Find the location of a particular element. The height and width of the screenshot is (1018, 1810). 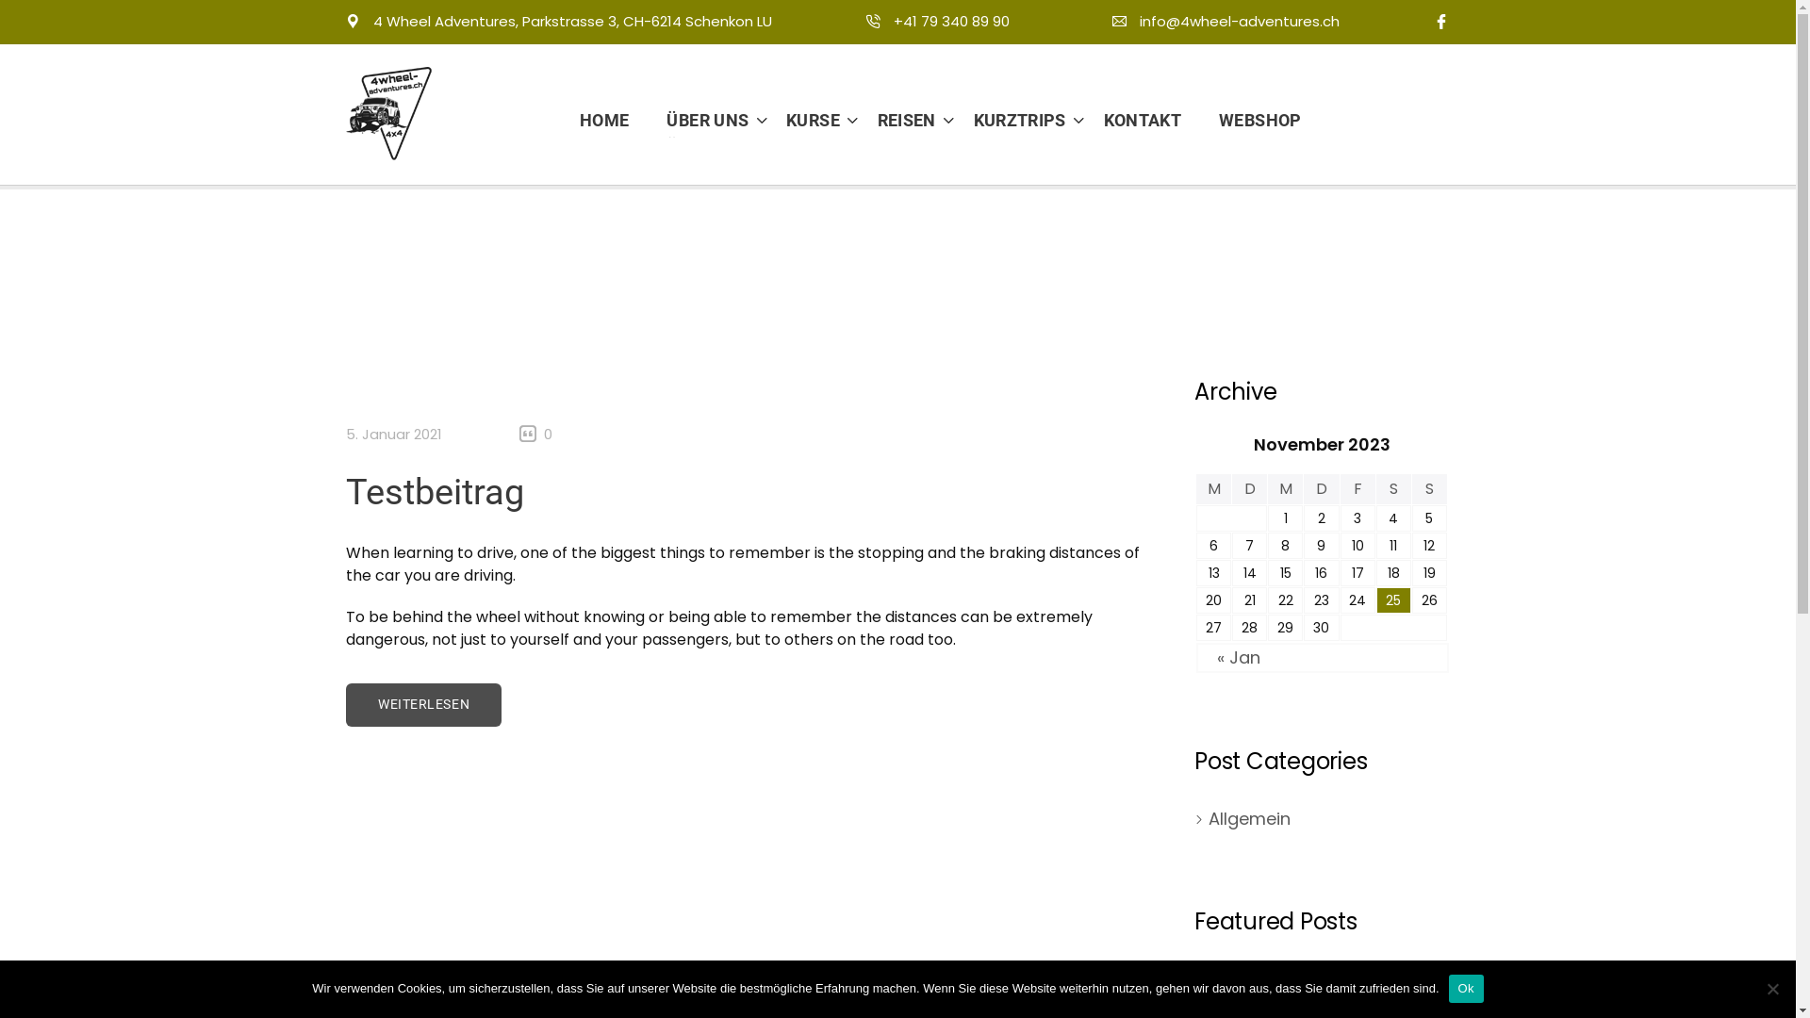

'5. Januar 2021' is located at coordinates (392, 434).